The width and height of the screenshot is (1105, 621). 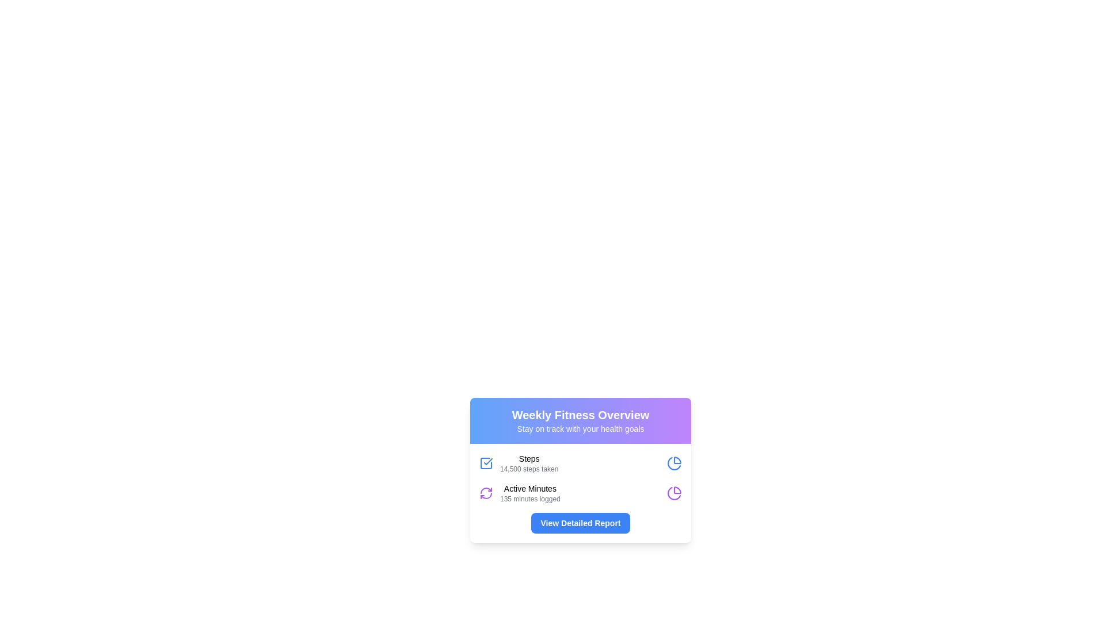 What do you see at coordinates (674, 492) in the screenshot?
I see `the representation of the purple pie chart icon located in the Weekly Fitness Overview widget, aligned with the Active Minutes text` at bounding box center [674, 492].